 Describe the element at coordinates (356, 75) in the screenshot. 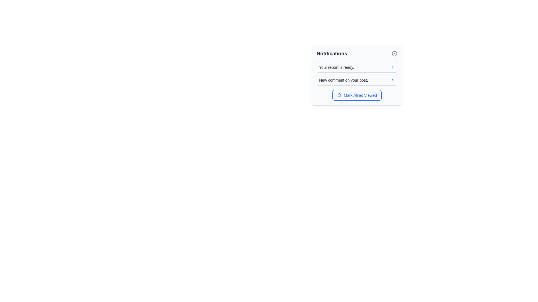

I see `the chevron icon located on the Information Panel, which is the distinct notification box in the top right section of the interface` at that location.